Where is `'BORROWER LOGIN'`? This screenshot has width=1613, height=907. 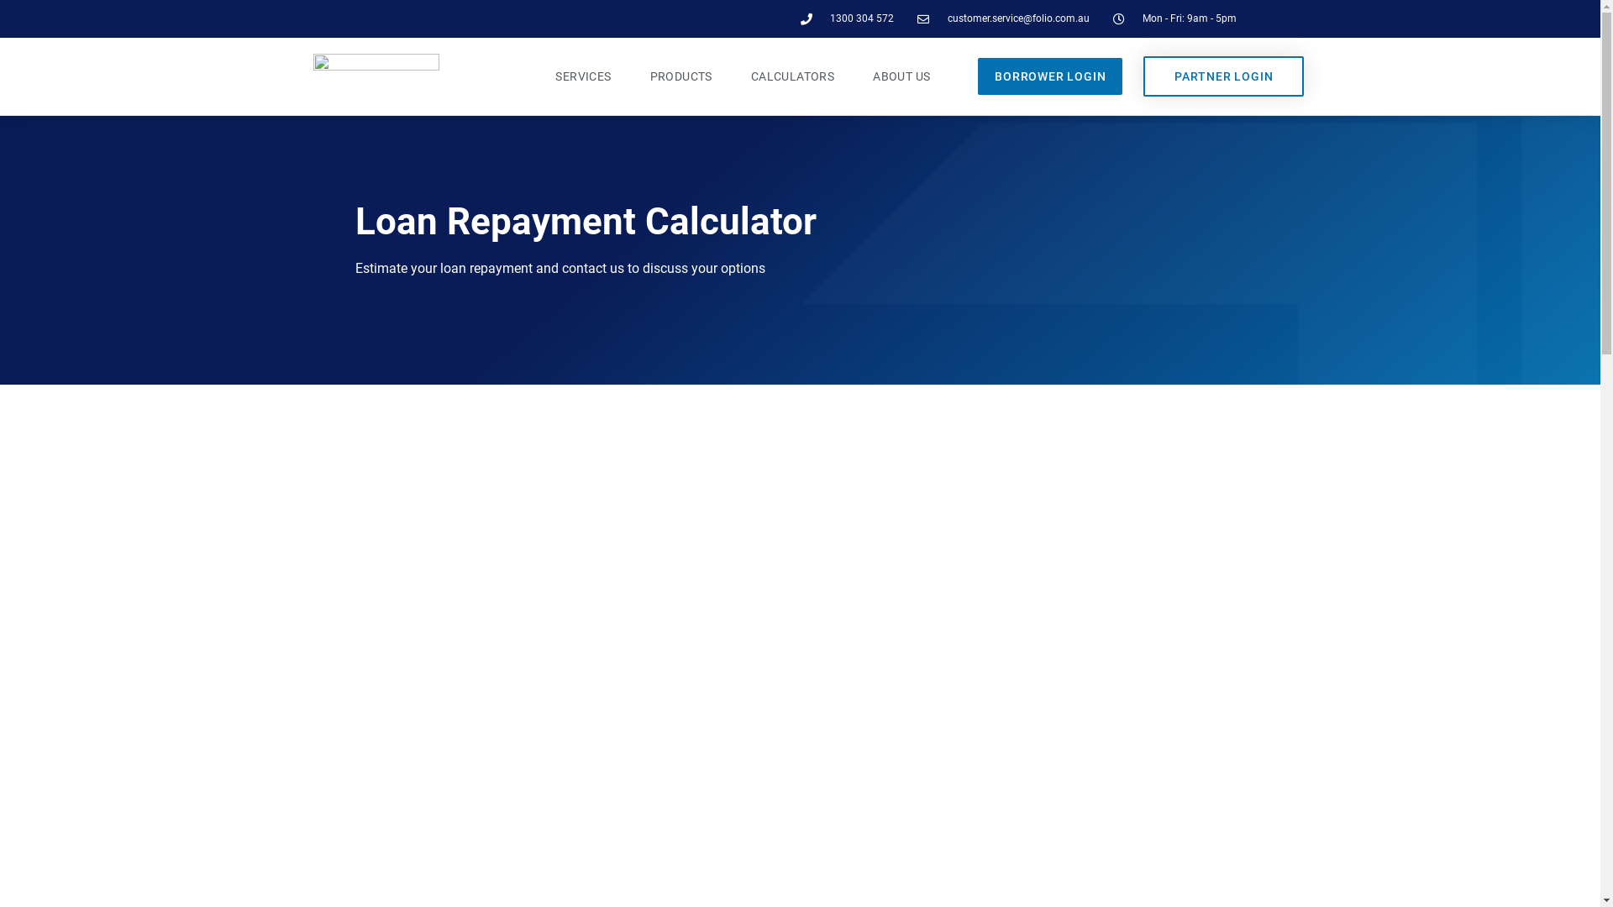
'BORROWER LOGIN' is located at coordinates (1048, 76).